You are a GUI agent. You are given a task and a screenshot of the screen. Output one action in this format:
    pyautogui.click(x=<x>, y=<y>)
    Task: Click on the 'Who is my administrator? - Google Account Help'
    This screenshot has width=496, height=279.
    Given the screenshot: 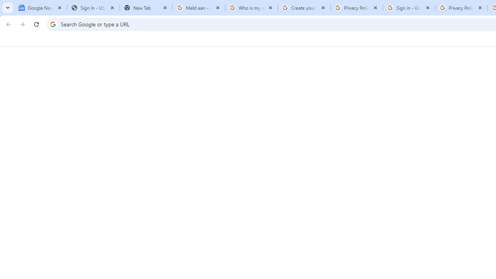 What is the action you would take?
    pyautogui.click(x=251, y=8)
    